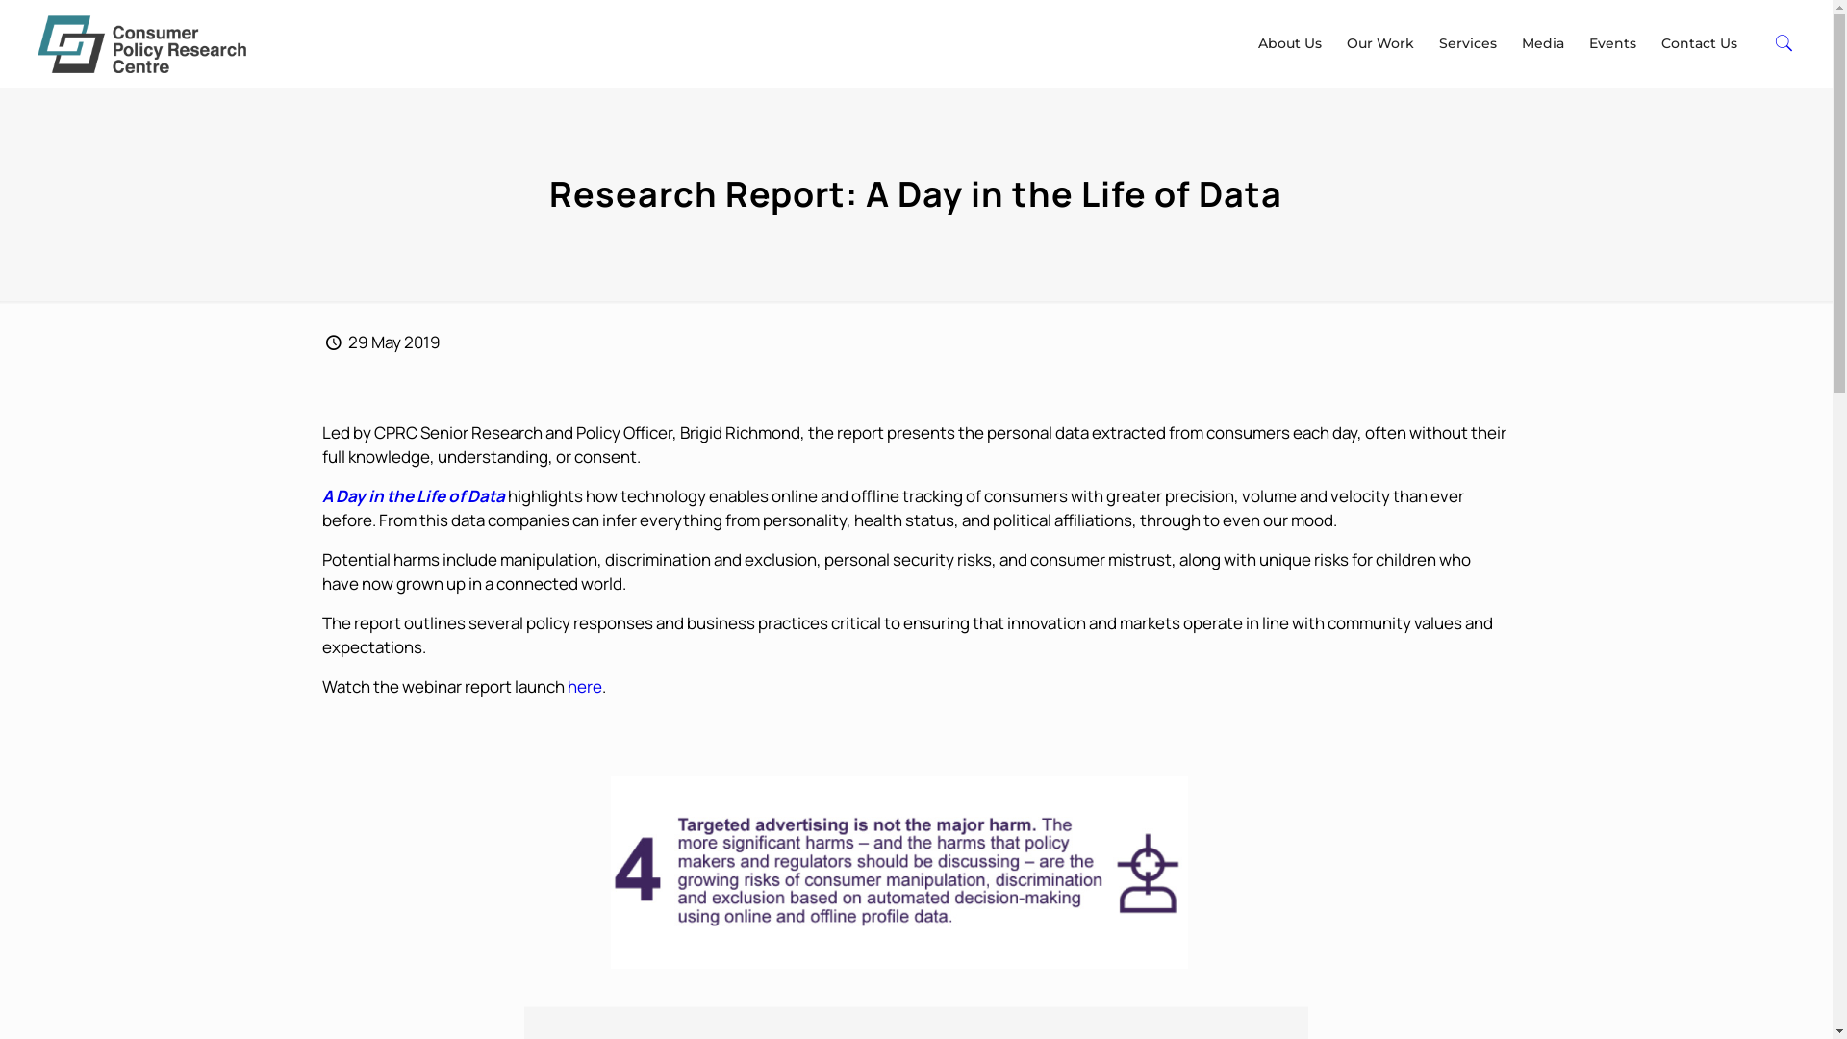 This screenshot has height=1039, width=1847. I want to click on 'Services', so click(1467, 43).